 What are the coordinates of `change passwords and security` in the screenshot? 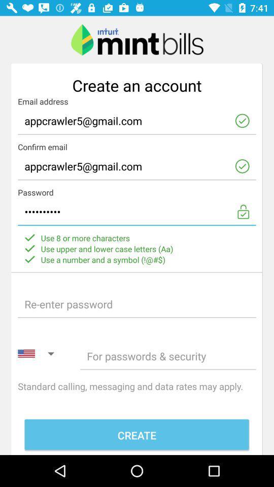 It's located at (168, 356).